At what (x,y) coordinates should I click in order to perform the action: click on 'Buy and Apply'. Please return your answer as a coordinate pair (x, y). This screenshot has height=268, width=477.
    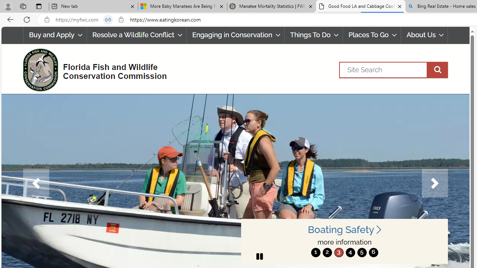
    Looking at the image, I should click on (54, 35).